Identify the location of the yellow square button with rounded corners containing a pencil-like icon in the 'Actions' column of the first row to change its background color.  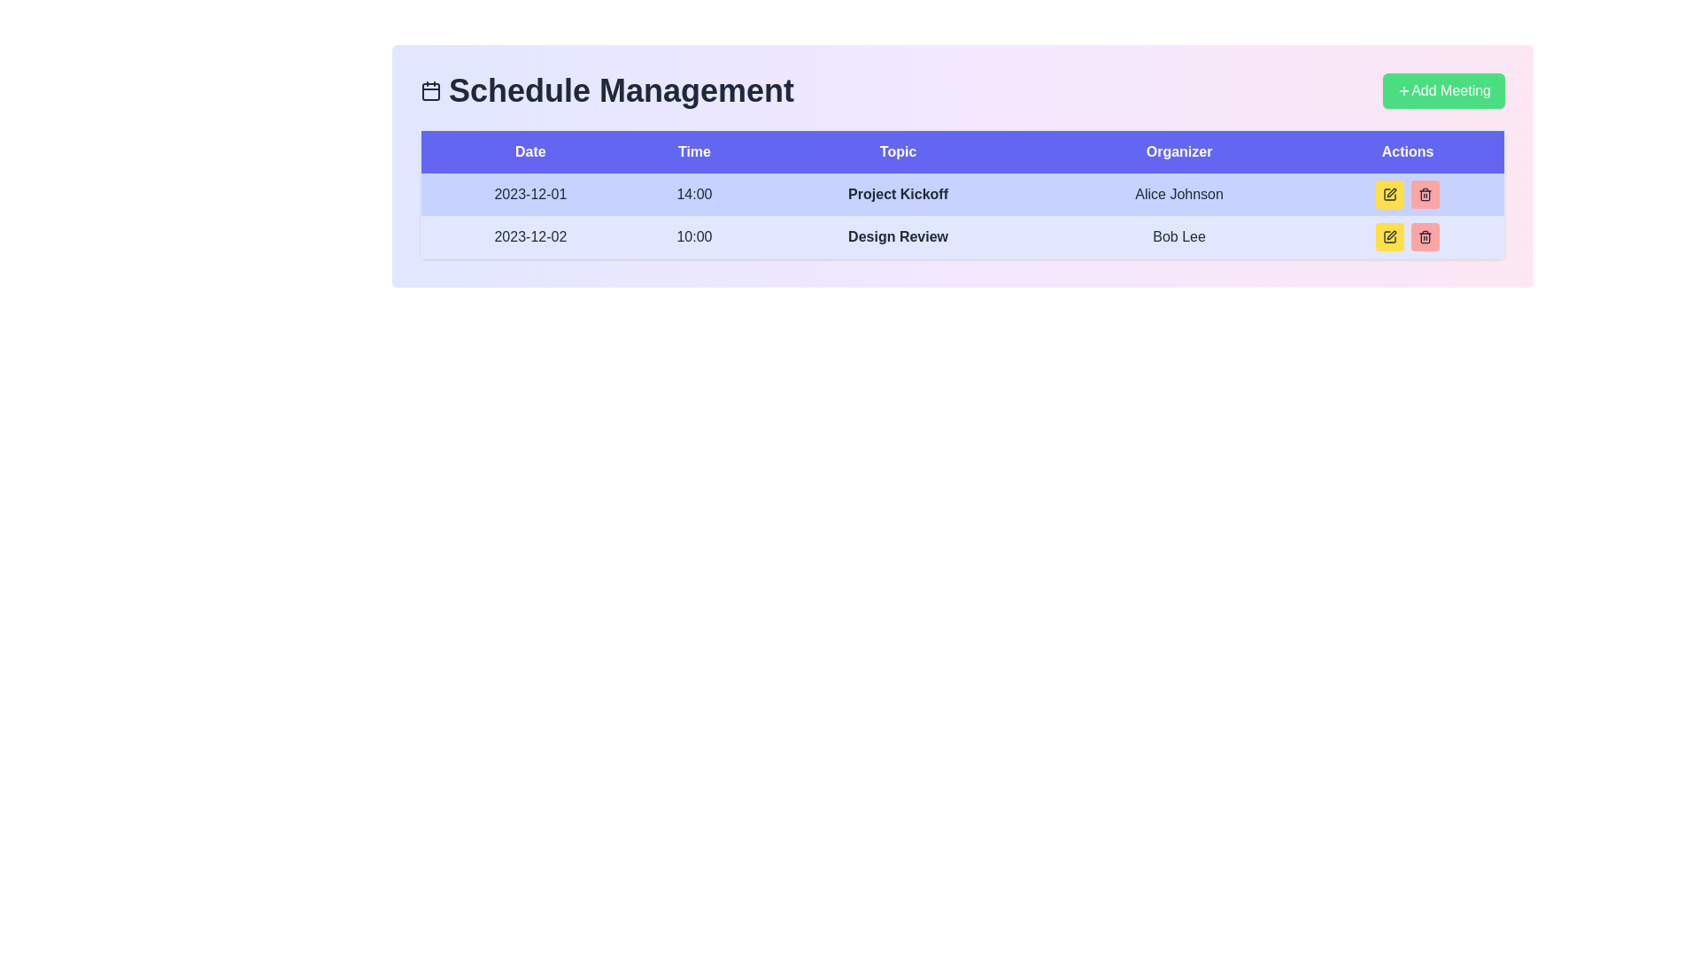
(1388, 194).